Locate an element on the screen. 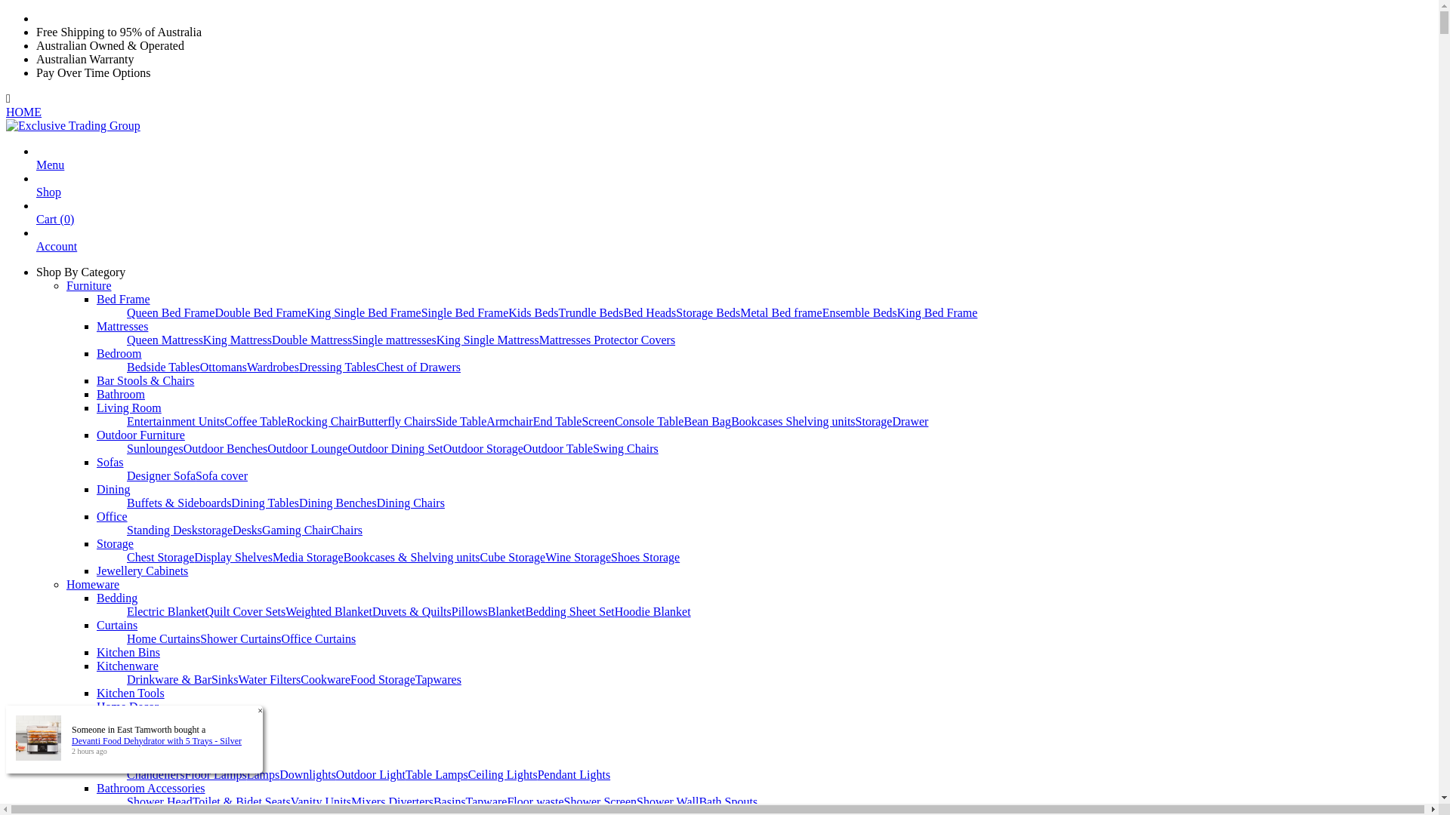  'Outdoor Lounge' is located at coordinates (307, 447).